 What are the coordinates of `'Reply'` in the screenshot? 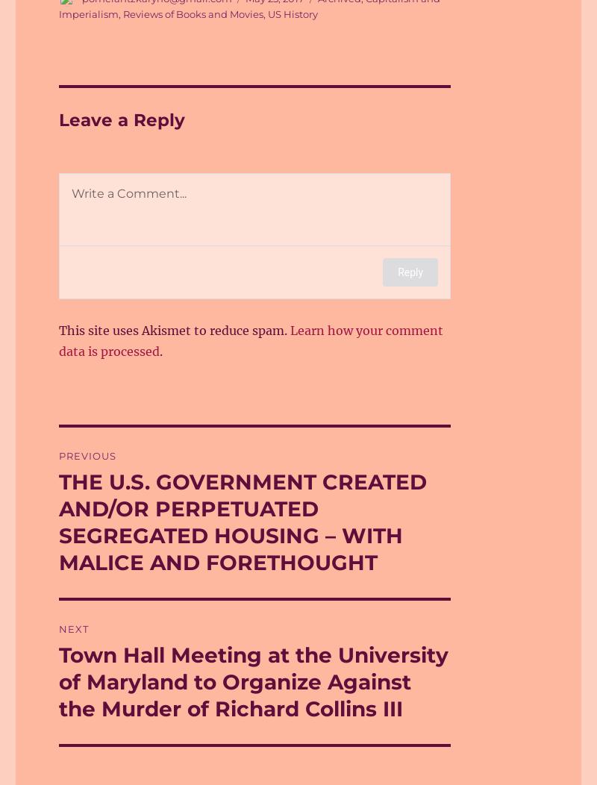 It's located at (397, 271).